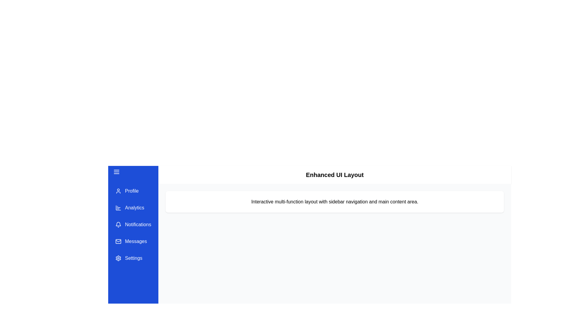 Image resolution: width=577 pixels, height=324 pixels. I want to click on the static text label displaying 'Enhanced UI Layout', so click(334, 175).